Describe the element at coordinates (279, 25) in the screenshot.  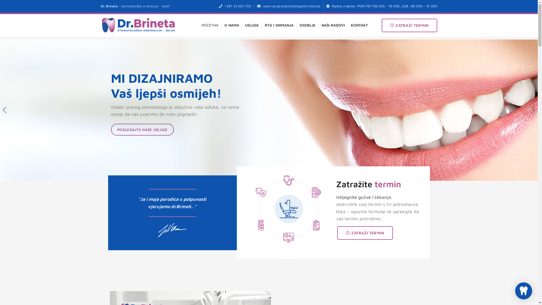
I see `'RTG I SNIMANJA'` at that location.